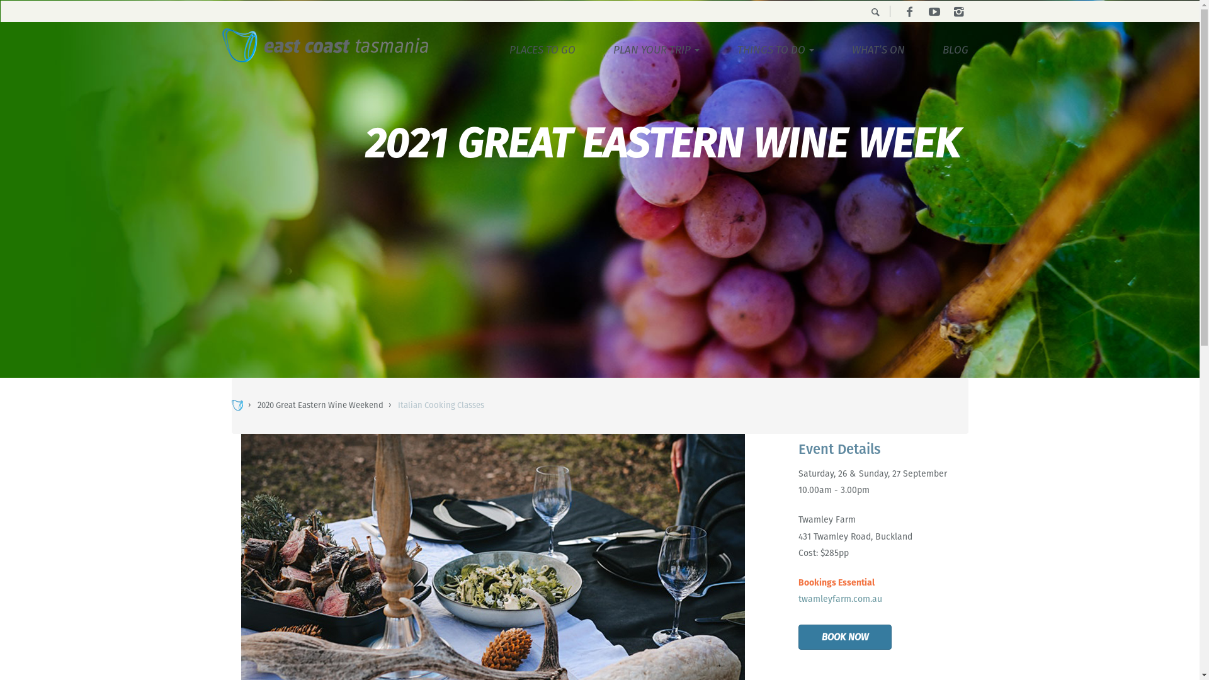 The height and width of the screenshot is (680, 1209). What do you see at coordinates (320, 405) in the screenshot?
I see `'2020 Great Eastern Wine Weekend'` at bounding box center [320, 405].